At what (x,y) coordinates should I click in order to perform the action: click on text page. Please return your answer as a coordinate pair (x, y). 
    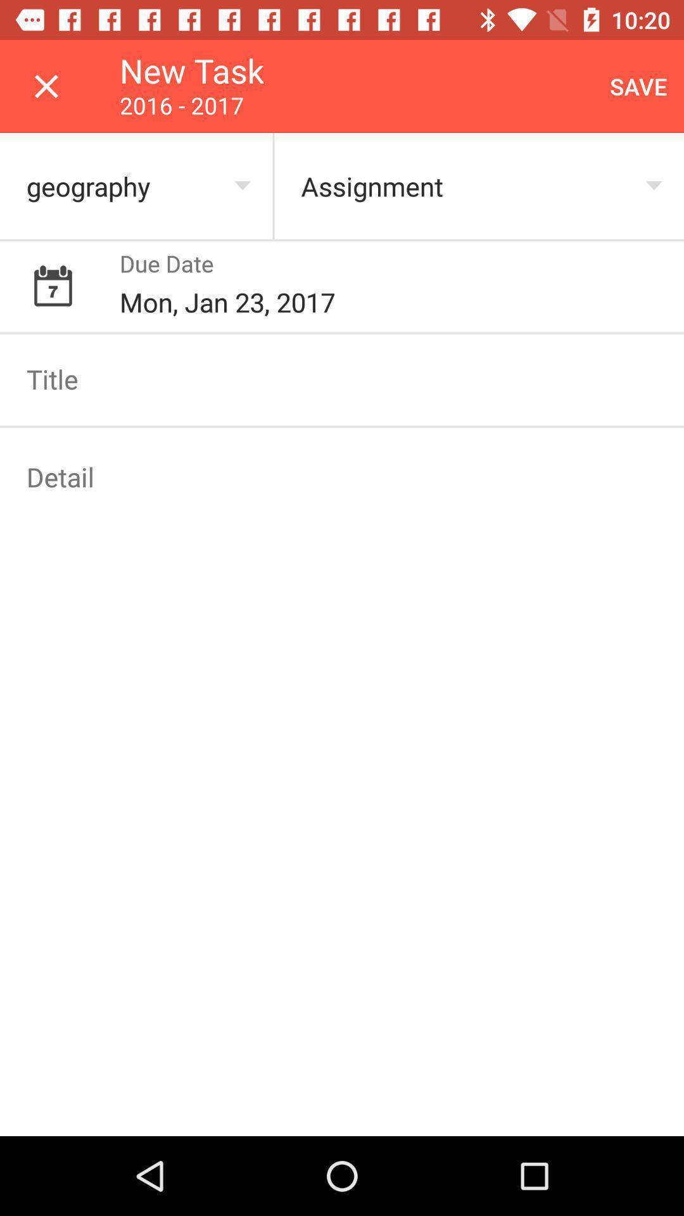
    Looking at the image, I should click on (342, 378).